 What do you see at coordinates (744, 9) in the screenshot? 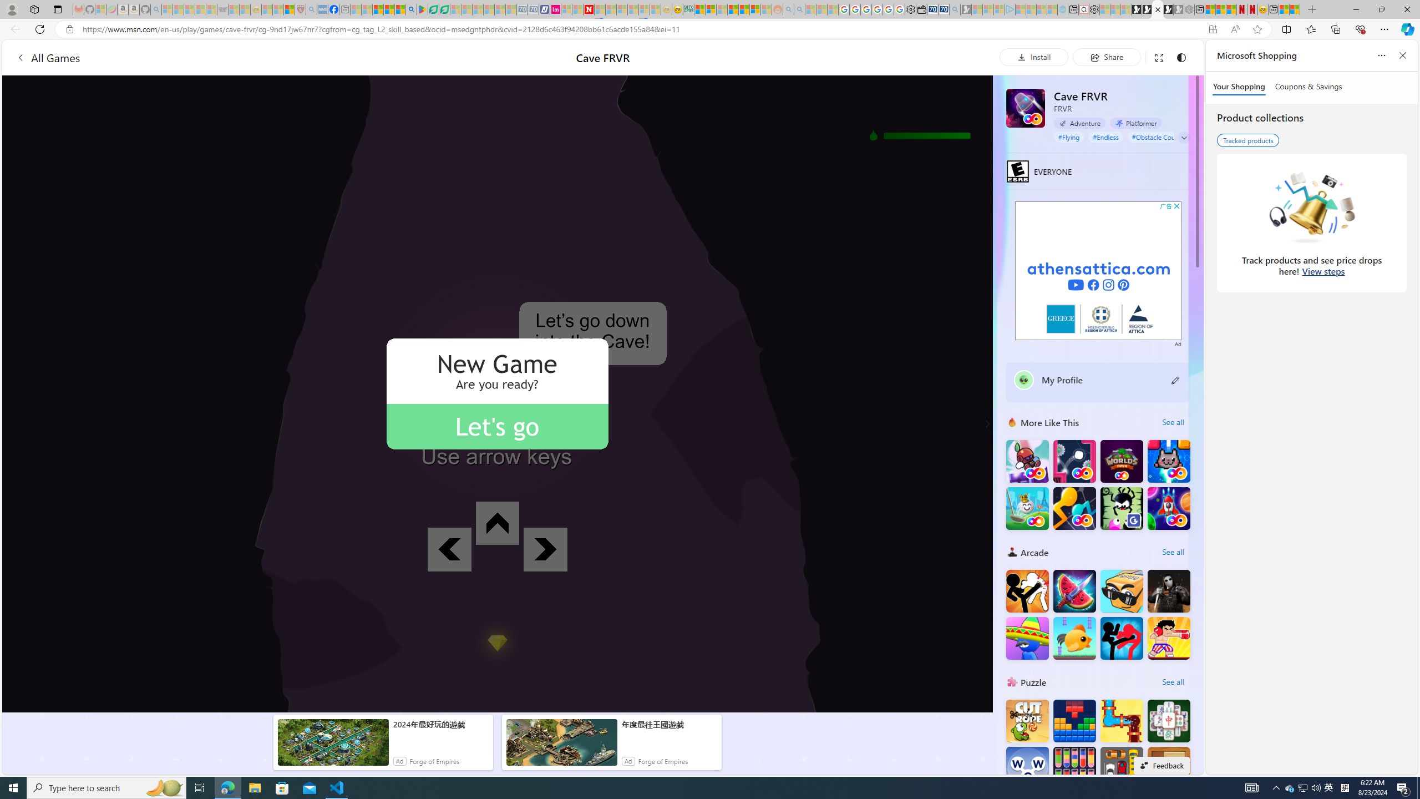
I see `'Kinda Frugal - MSN'` at bounding box center [744, 9].